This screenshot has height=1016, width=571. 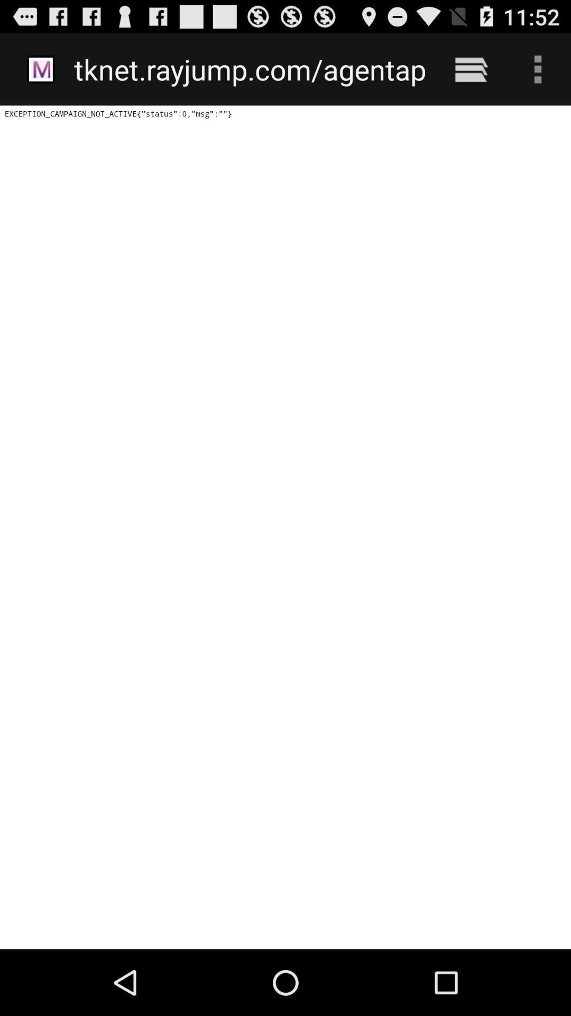 I want to click on the item to the right of the tknet rayjump com item, so click(x=471, y=69).